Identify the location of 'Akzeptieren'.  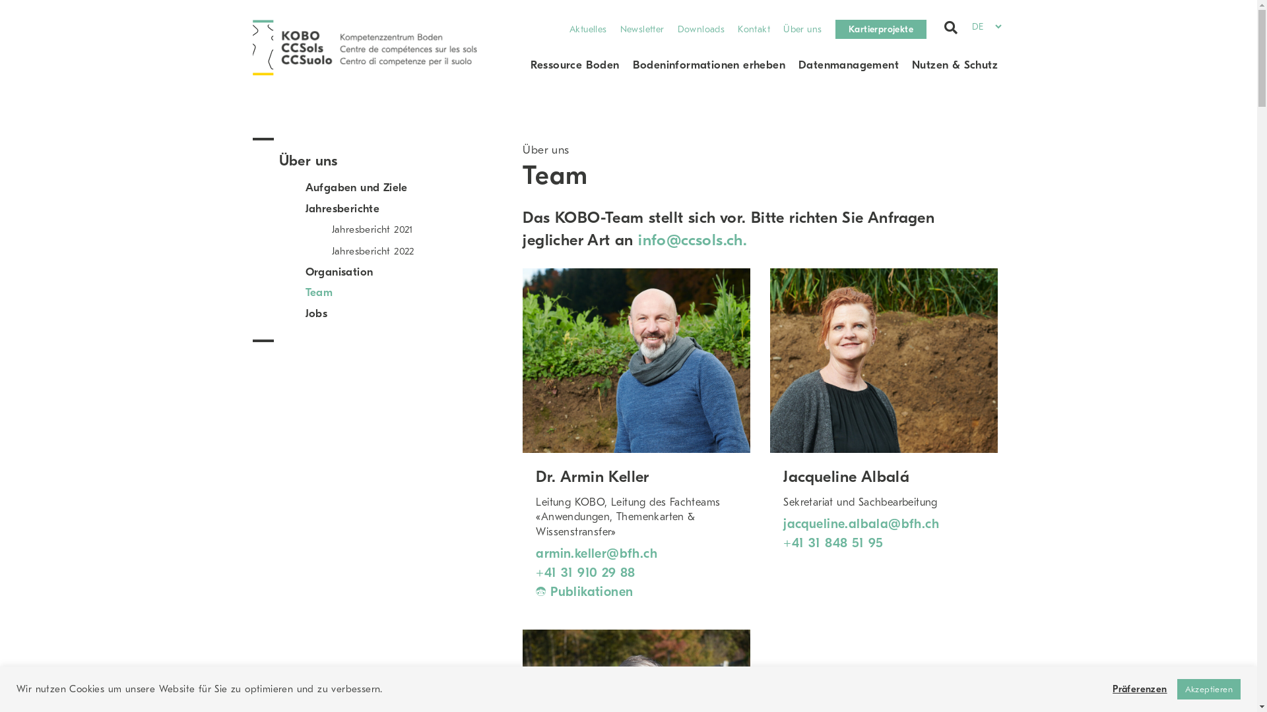
(1209, 688).